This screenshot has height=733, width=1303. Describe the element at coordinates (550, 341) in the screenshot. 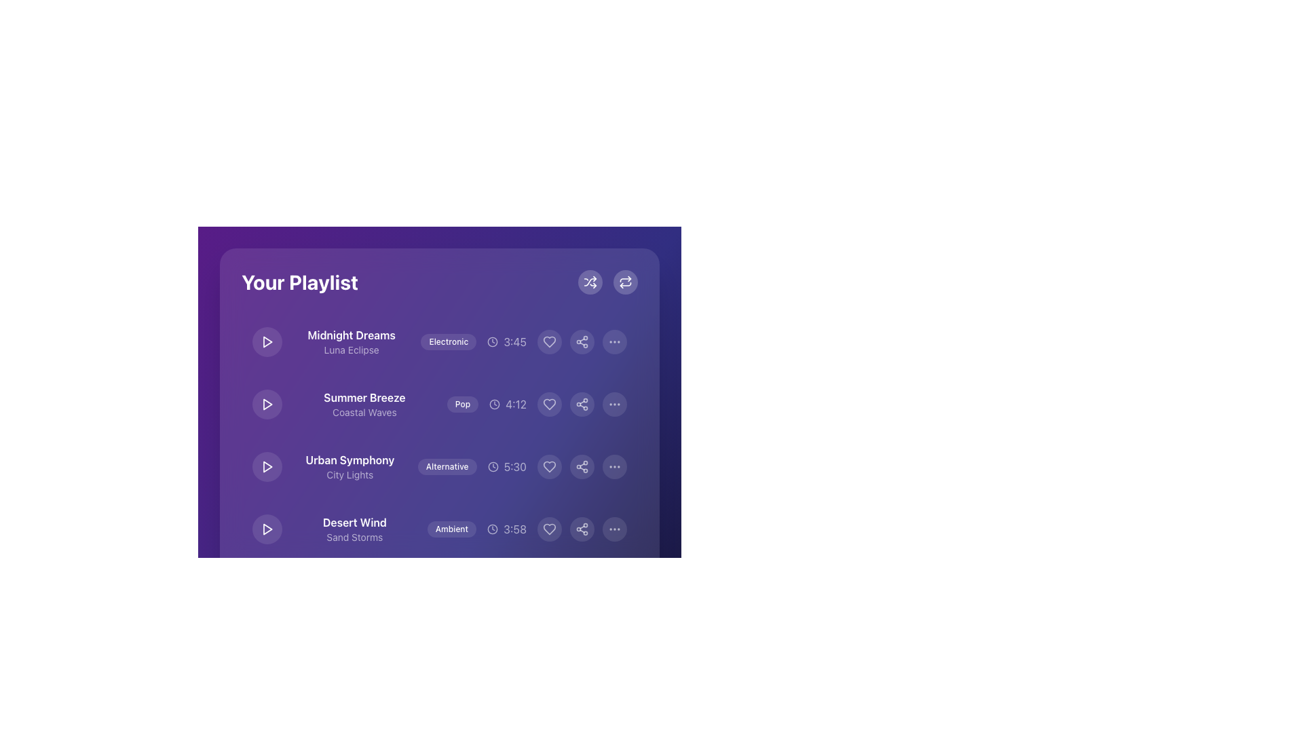

I see `the heart icon button representing 'like' or 'favorite' in the playlist interface` at that location.